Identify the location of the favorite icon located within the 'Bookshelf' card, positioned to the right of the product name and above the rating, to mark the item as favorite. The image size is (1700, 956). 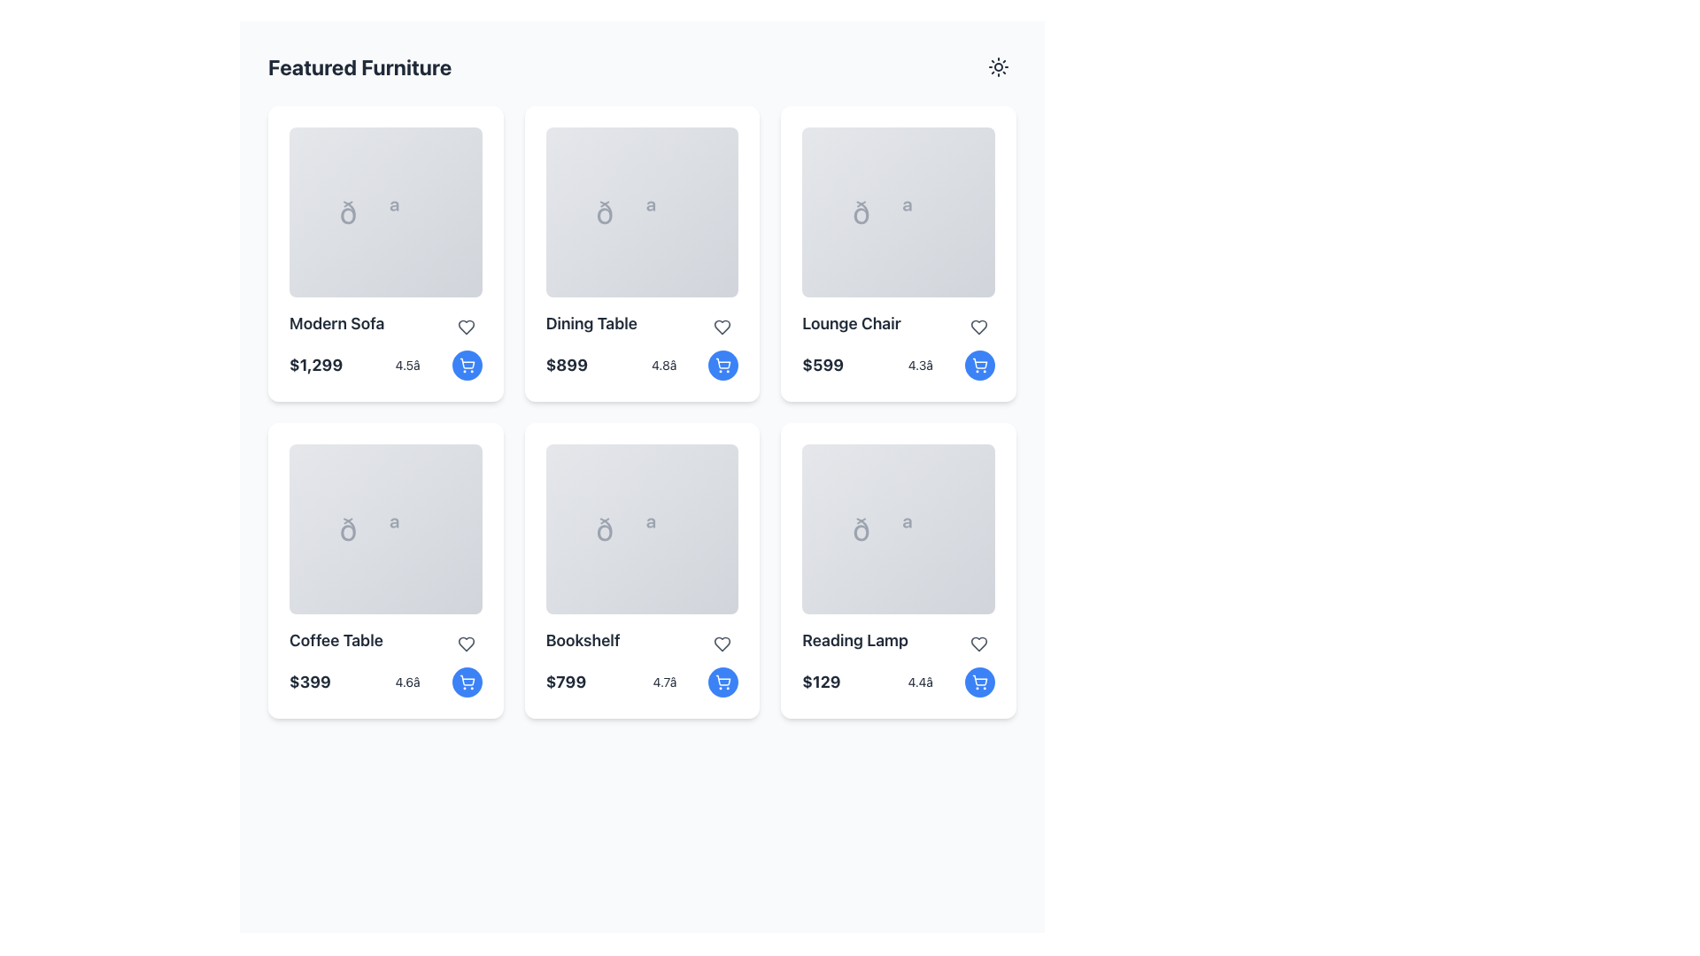
(722, 644).